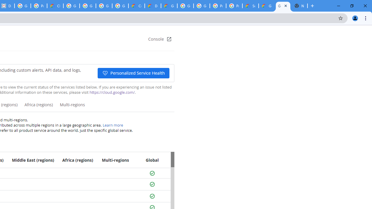  I want to click on 'Available status', so click(152, 196).